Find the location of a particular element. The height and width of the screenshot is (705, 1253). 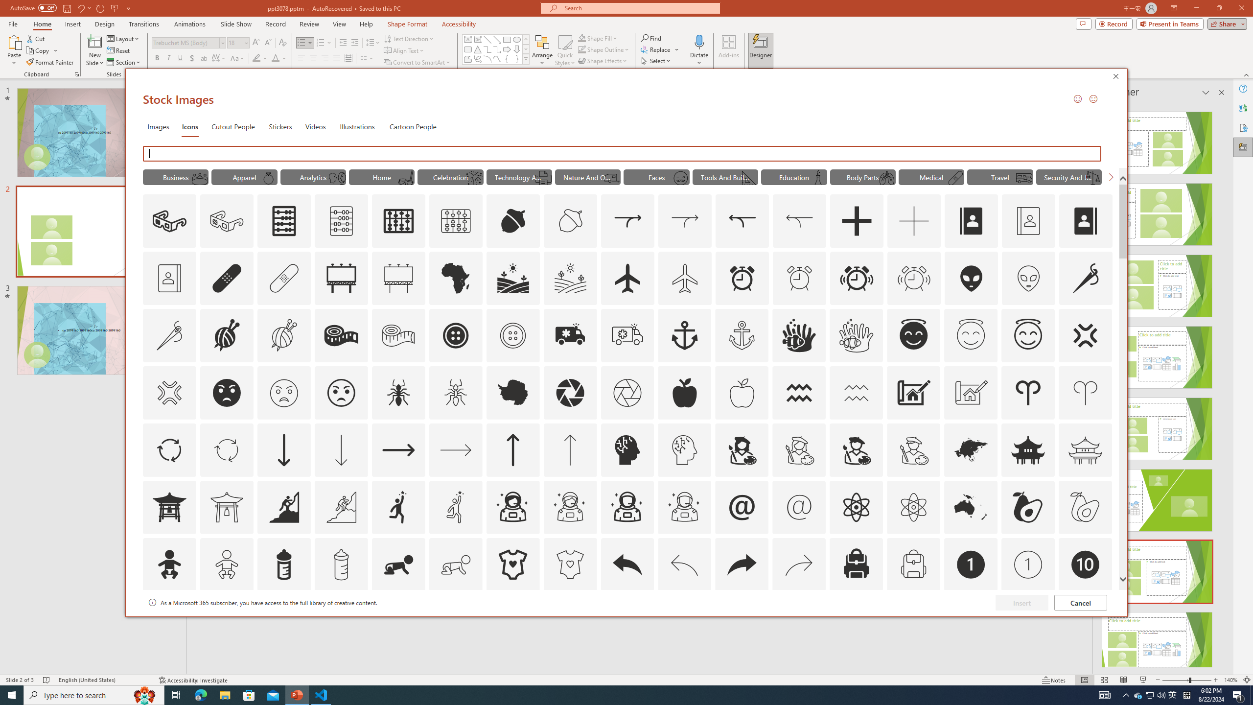

'AutomationID: Icons_Badge6_M' is located at coordinates (742, 621).